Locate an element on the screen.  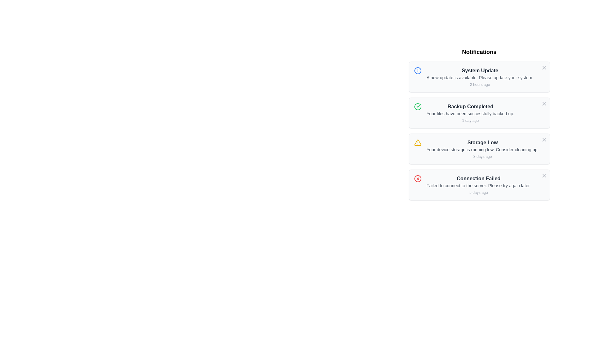
the information icon represented by the SVG Circle to access related notifications is located at coordinates (418, 70).